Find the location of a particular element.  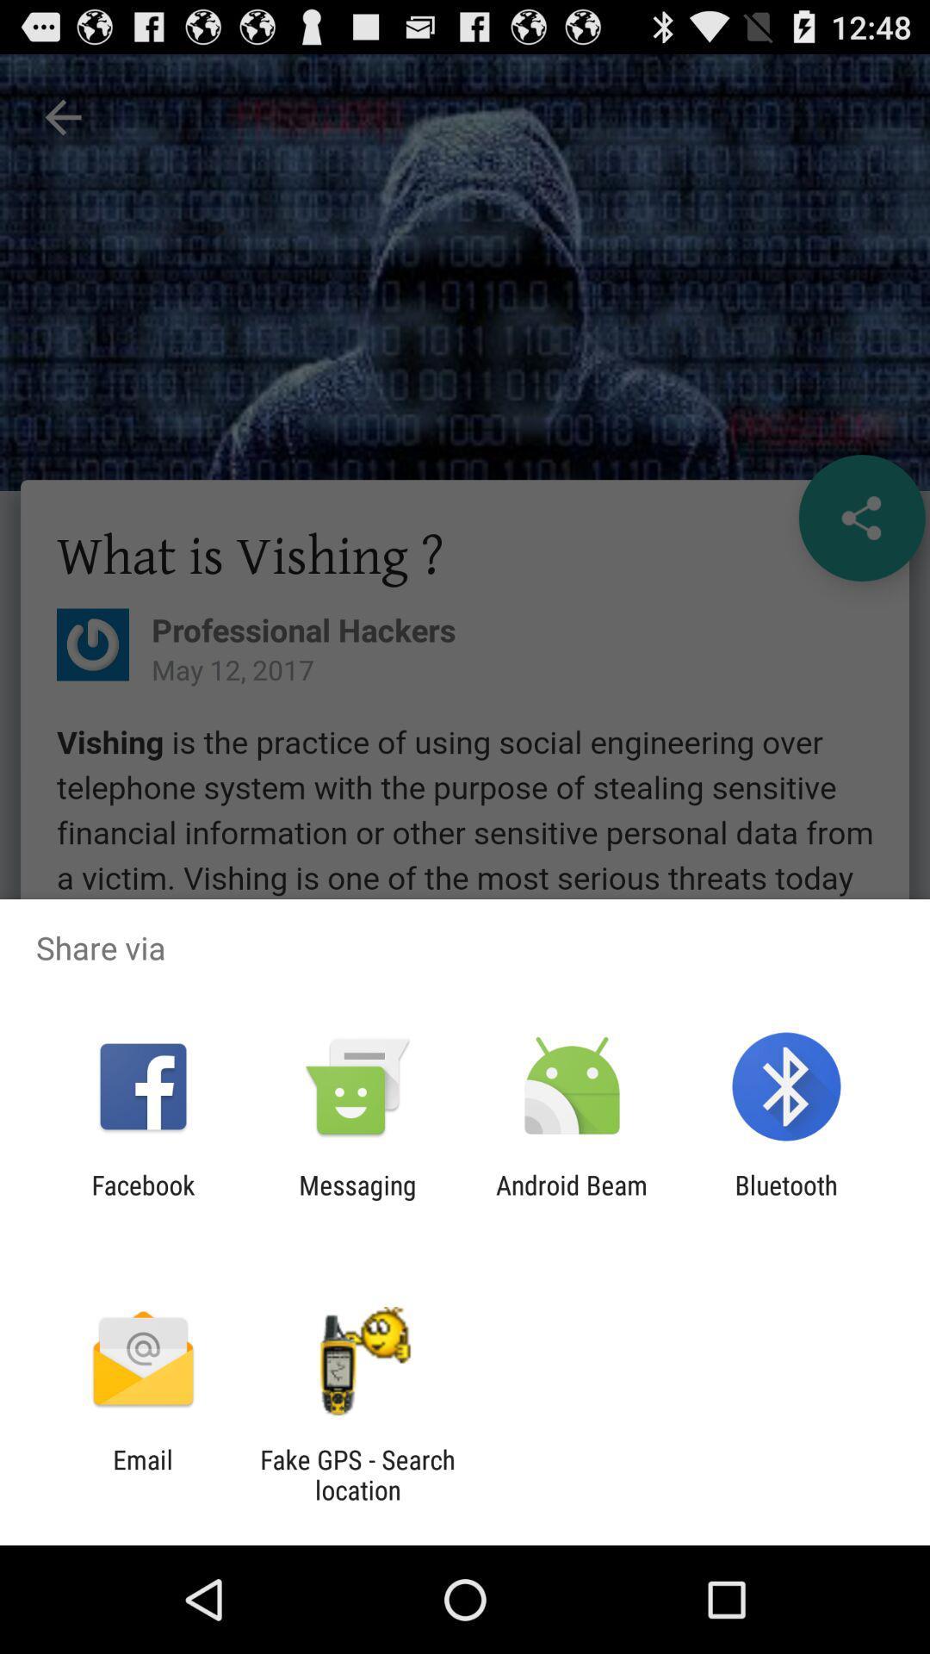

item to the left of android beam item is located at coordinates (356, 1199).